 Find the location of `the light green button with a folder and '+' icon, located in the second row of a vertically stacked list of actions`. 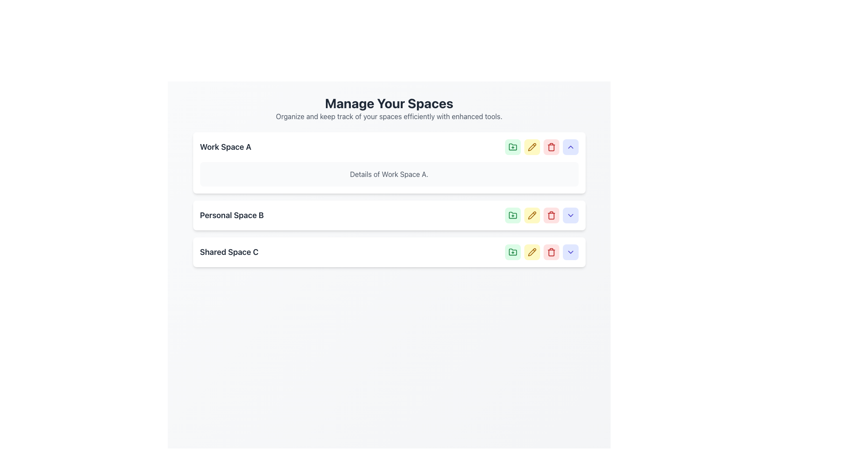

the light green button with a folder and '+' icon, located in the second row of a vertically stacked list of actions is located at coordinates (512, 215).